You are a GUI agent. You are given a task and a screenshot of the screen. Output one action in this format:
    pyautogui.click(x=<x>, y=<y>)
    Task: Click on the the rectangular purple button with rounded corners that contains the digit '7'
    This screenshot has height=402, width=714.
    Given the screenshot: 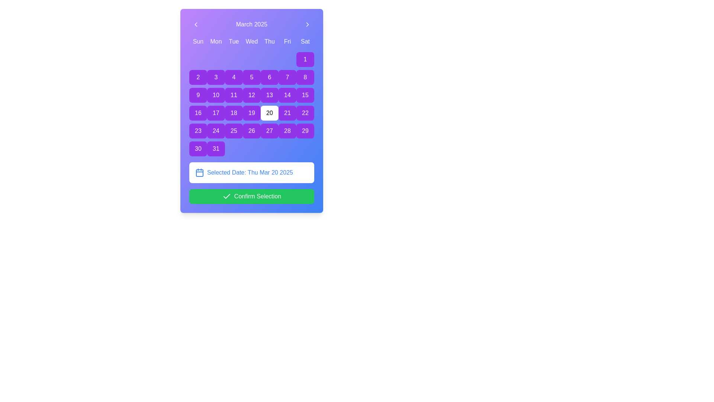 What is the action you would take?
    pyautogui.click(x=287, y=77)
    